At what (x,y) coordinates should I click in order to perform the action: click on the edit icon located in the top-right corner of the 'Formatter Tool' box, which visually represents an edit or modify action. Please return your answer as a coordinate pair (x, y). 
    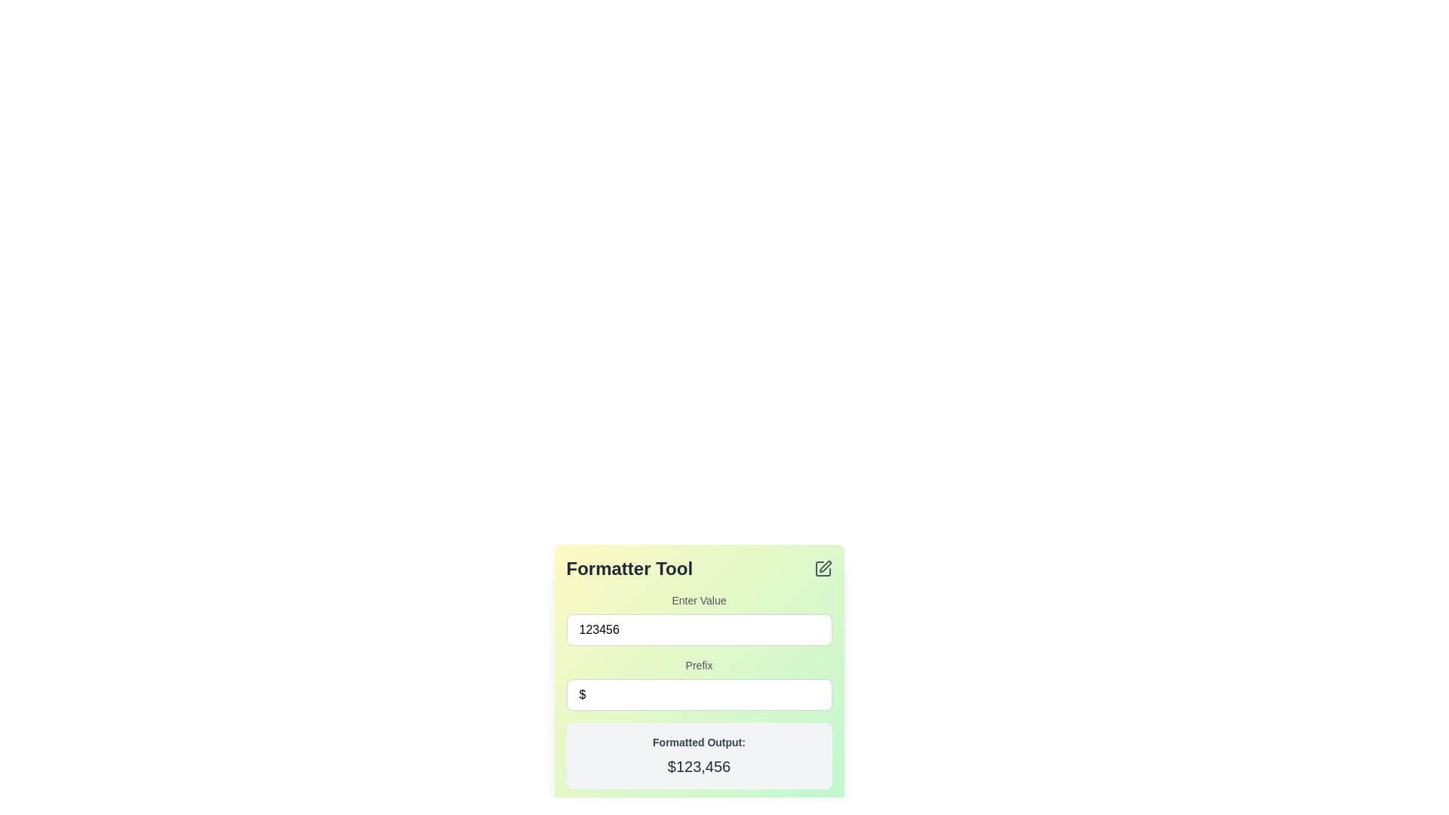
    Looking at the image, I should click on (824, 567).